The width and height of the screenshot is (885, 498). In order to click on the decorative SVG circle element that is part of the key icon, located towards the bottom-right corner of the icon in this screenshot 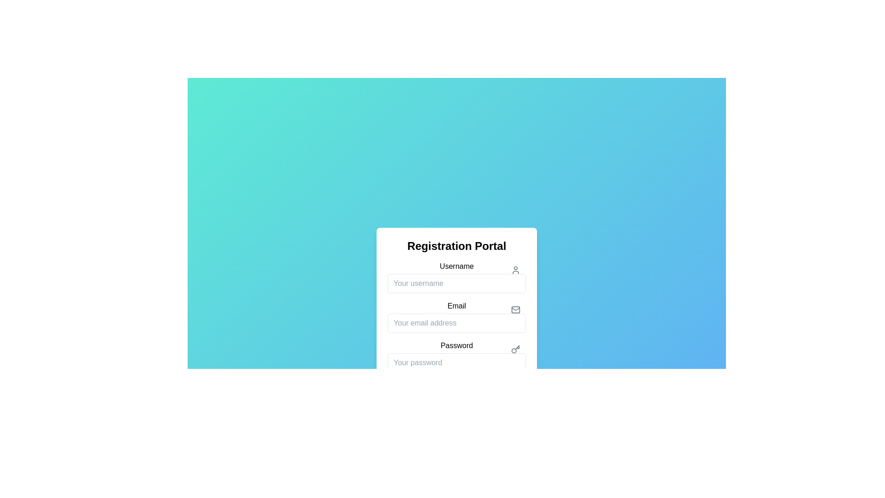, I will do `click(513, 350)`.